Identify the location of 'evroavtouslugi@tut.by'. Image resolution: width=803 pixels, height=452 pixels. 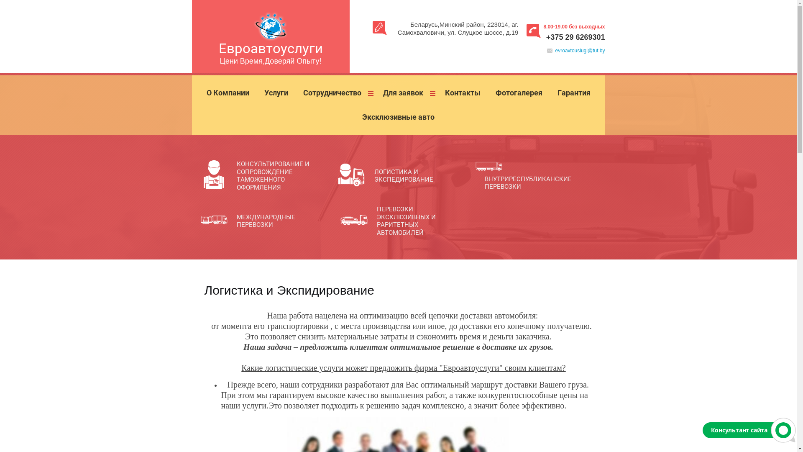
(580, 50).